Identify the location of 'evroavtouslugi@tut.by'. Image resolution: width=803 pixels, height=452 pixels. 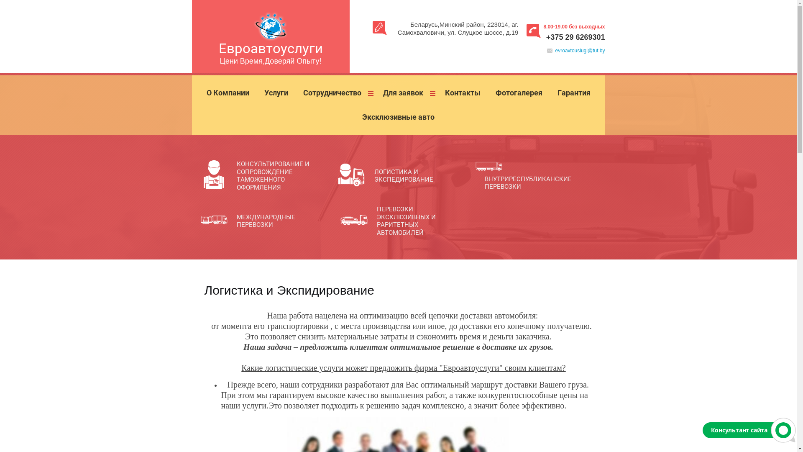
(580, 50).